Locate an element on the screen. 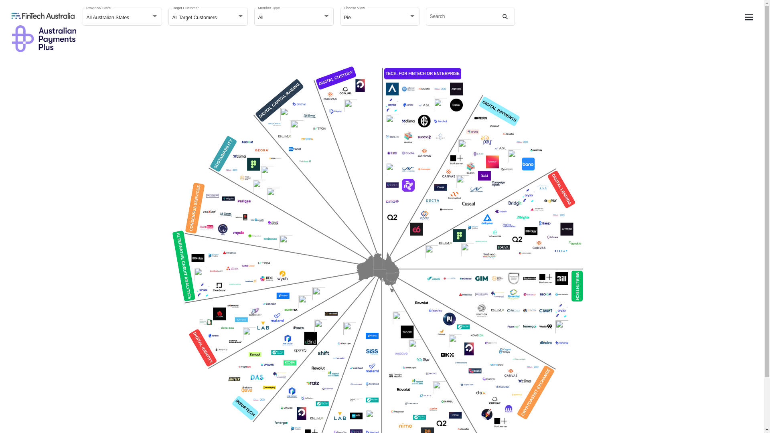 The height and width of the screenshot is (433, 770). 'Wych Australia Pty Ltd' is located at coordinates (282, 275).